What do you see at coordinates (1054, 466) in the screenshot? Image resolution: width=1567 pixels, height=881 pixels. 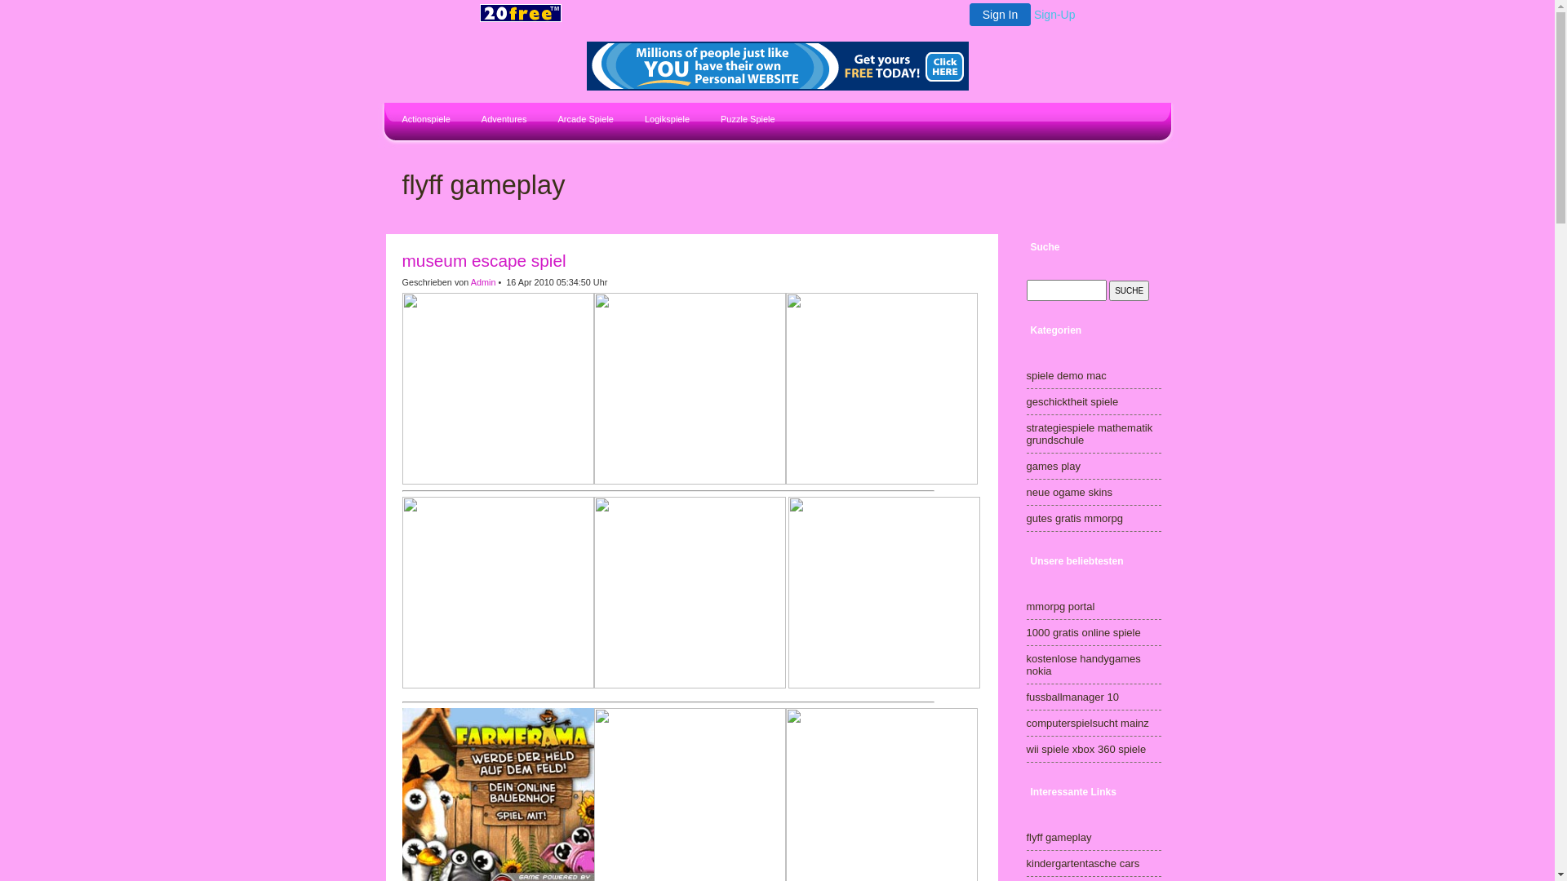 I see `'games play'` at bounding box center [1054, 466].